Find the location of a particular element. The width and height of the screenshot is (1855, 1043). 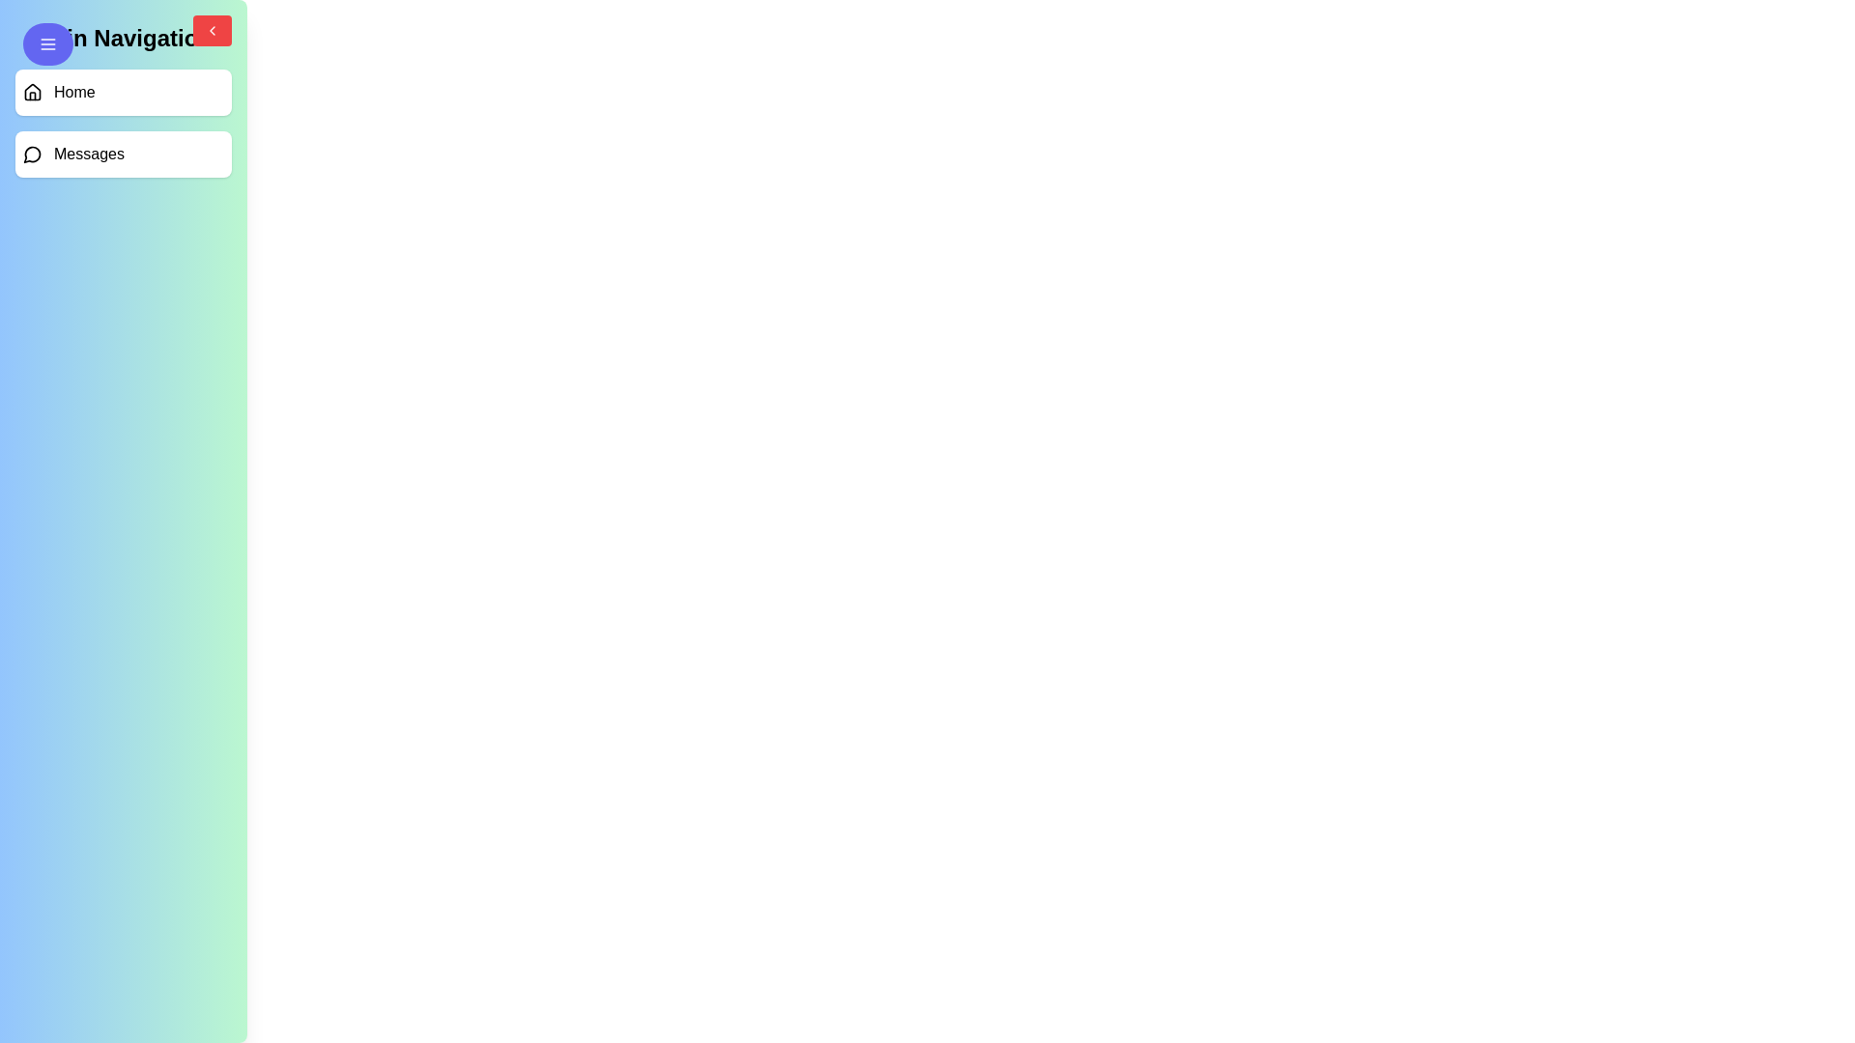

the decorative or functional part of the speech bubble icon that symbolizes the 'Messages' section in the sidebar navigation panel, located to the left of the text 'Messages' is located at coordinates (32, 154).